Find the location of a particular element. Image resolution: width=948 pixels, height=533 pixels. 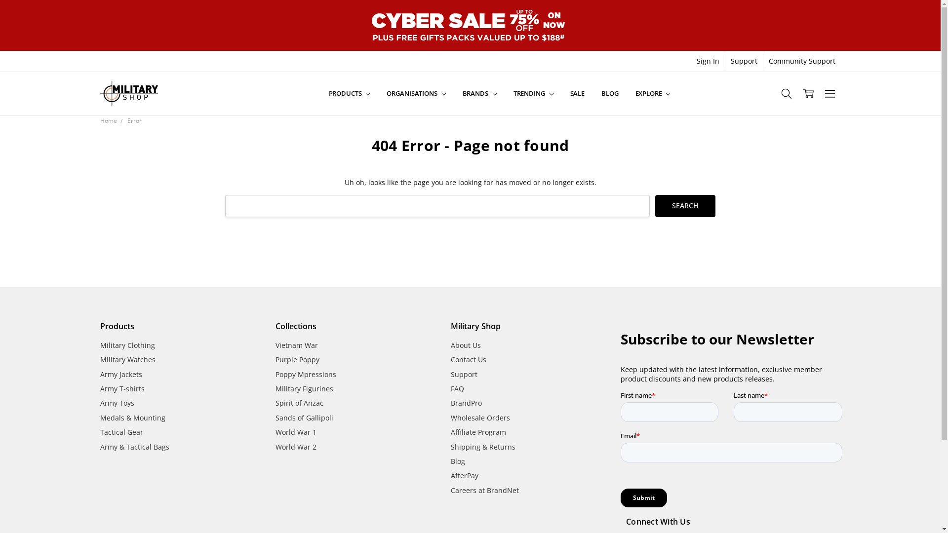

'Purple Poppy' is located at coordinates (297, 359).